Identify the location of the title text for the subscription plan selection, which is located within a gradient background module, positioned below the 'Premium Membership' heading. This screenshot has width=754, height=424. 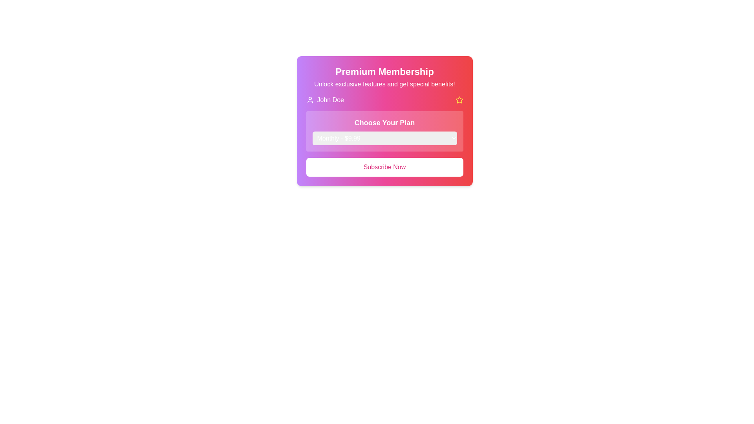
(384, 122).